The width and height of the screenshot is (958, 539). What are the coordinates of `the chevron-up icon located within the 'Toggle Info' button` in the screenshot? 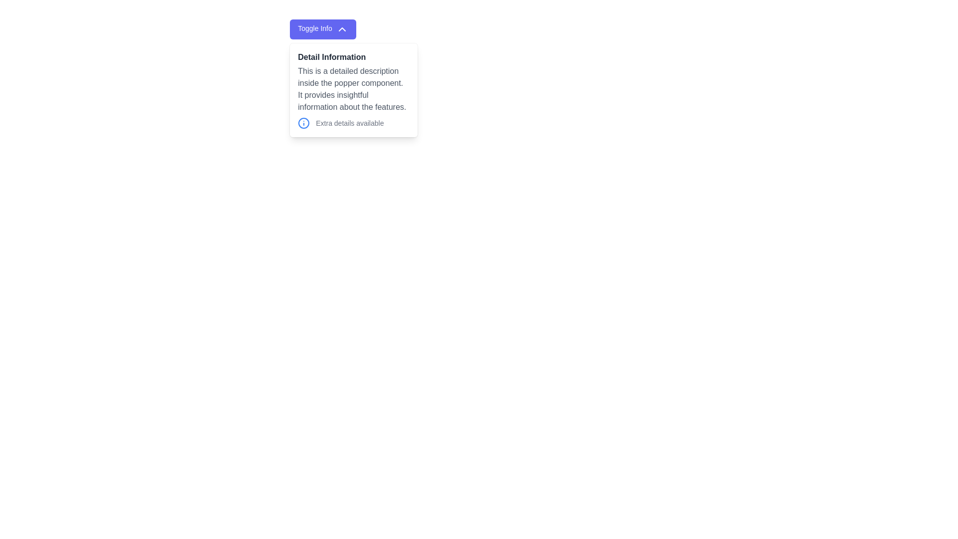 It's located at (342, 28).